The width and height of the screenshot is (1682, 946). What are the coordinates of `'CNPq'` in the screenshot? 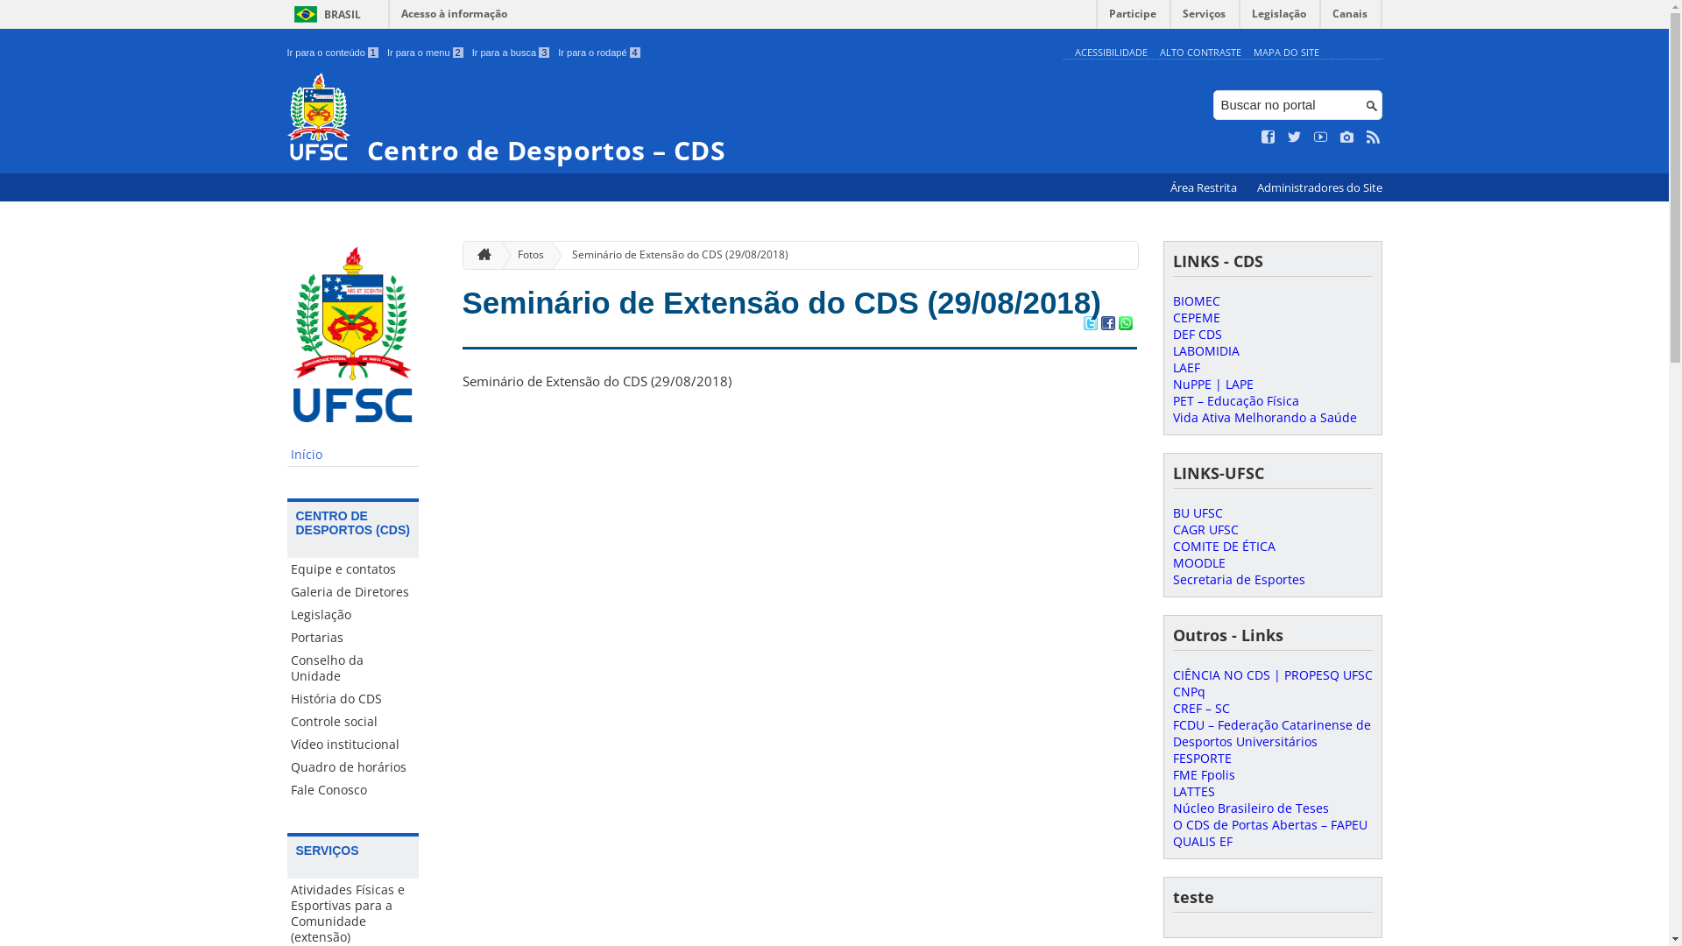 It's located at (1188, 690).